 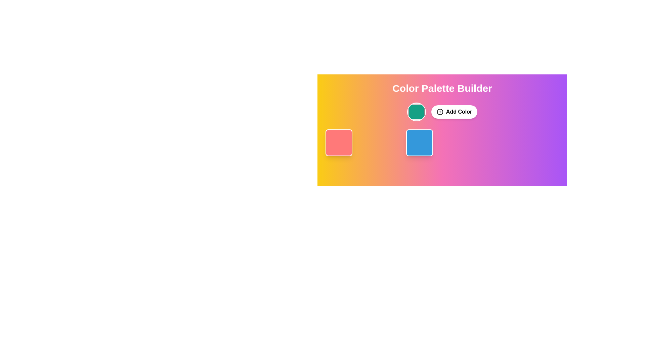 I want to click on the first red square element with a soft border and slight shadow, located on a colorful gradient background, so click(x=339, y=142).